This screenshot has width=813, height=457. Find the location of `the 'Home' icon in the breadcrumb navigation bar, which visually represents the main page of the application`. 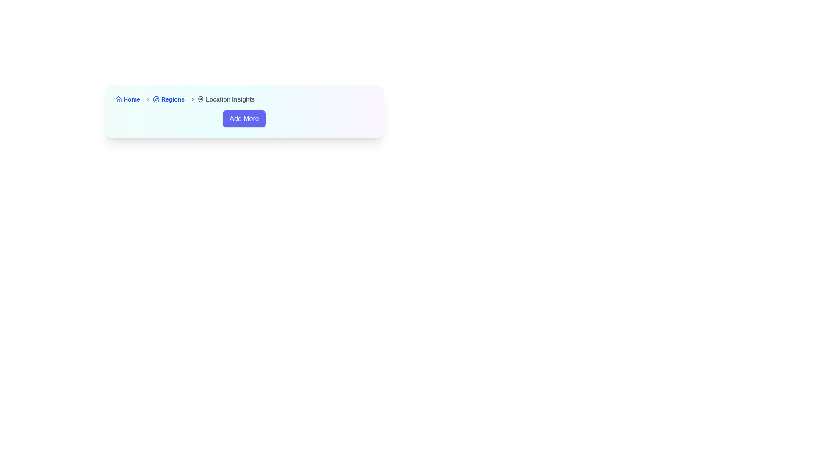

the 'Home' icon in the breadcrumb navigation bar, which visually represents the main page of the application is located at coordinates (118, 99).